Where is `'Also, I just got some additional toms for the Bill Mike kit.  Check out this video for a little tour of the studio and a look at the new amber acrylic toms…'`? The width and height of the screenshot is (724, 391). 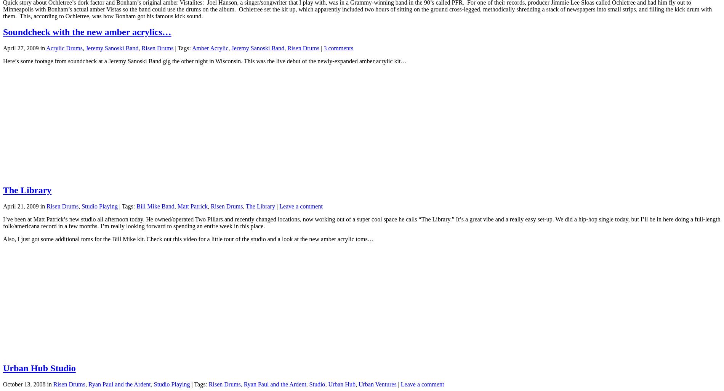
'Also, I just got some additional toms for the Bill Mike kit.  Check out this video for a little tour of the studio and a look at the new amber acrylic toms…' is located at coordinates (3, 239).